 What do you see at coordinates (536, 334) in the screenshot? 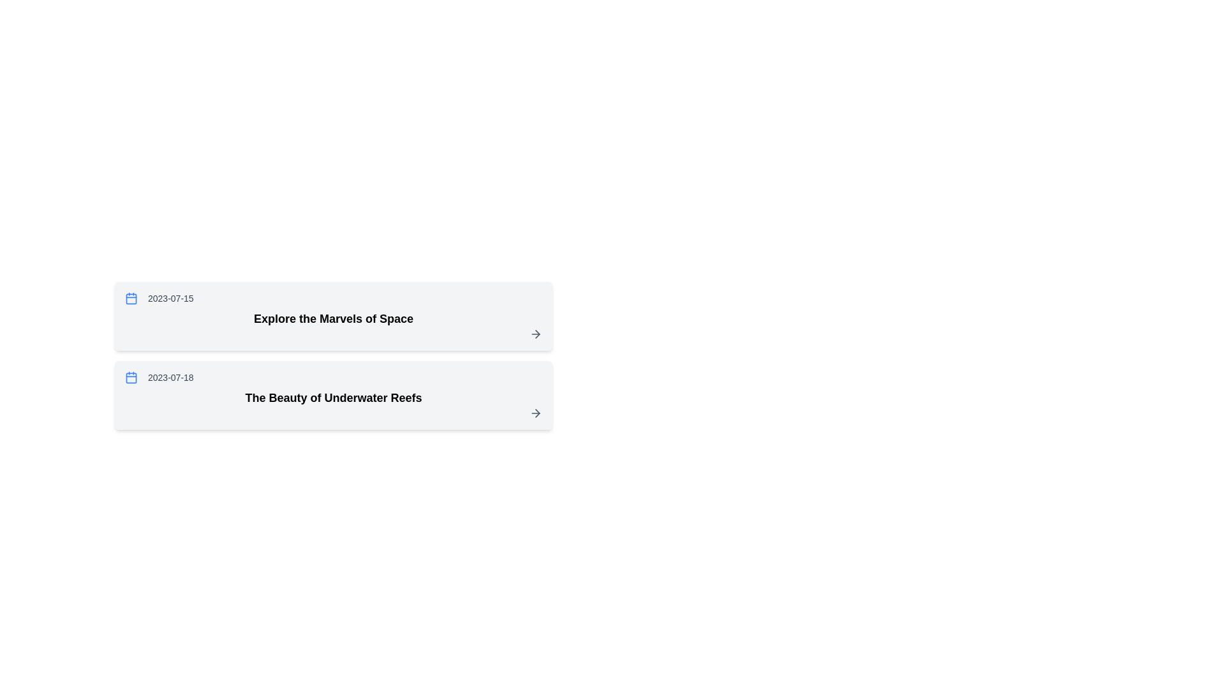
I see `the gray right-pointing arrow icon located in the upper right section of the card titled 'Explore the Marvels of Space'` at bounding box center [536, 334].